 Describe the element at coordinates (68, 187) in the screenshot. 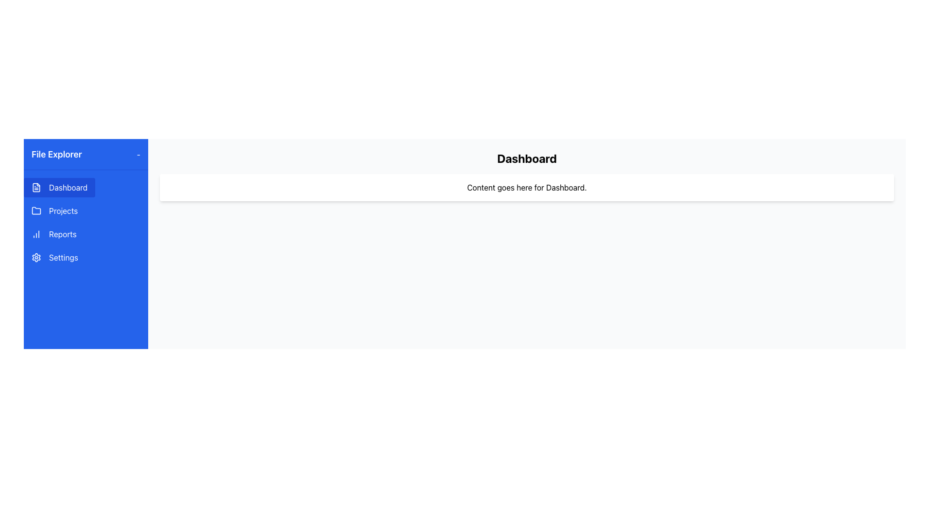

I see `the 'Dashboard' button in the sidebar navigation menu` at that location.